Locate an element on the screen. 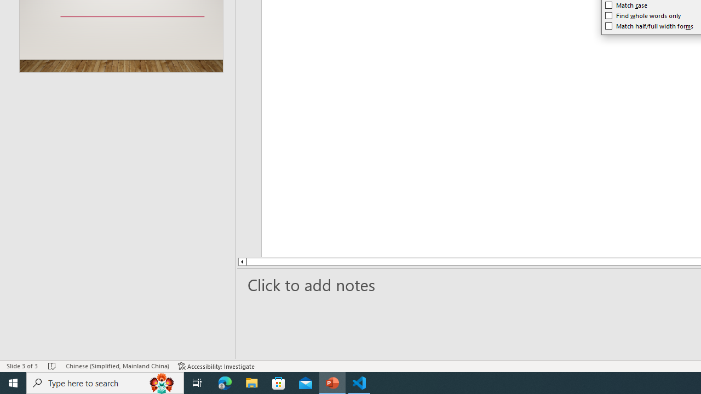 Image resolution: width=701 pixels, height=394 pixels. 'Find whole words only' is located at coordinates (643, 15).